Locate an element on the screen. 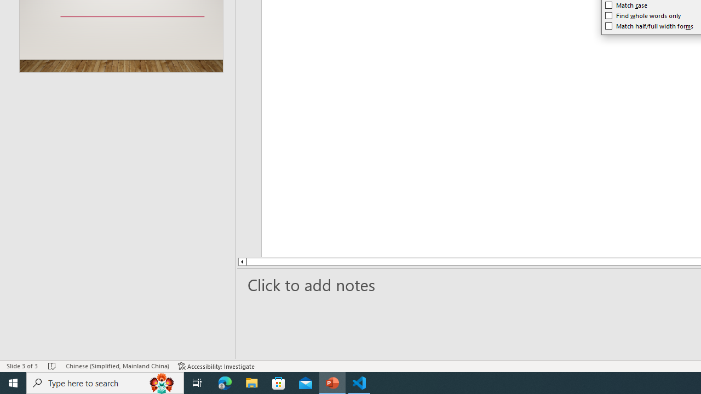 Image resolution: width=701 pixels, height=394 pixels. 'Find whole words only' is located at coordinates (643, 15).